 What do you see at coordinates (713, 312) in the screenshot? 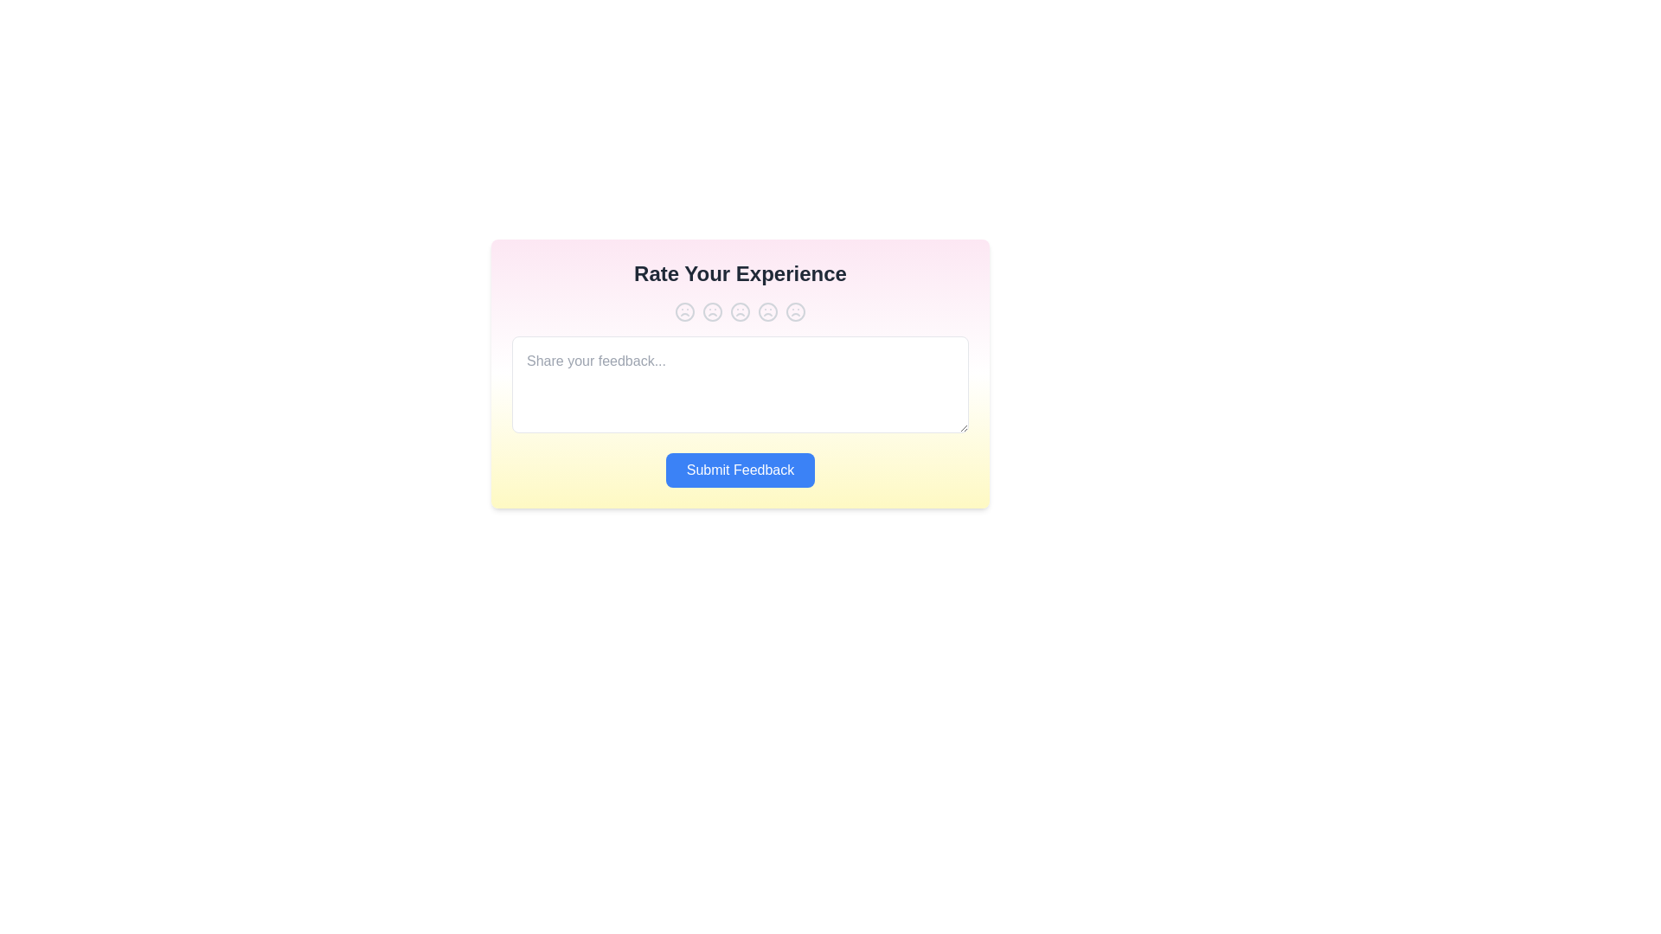
I see `the experience rating to 2 by clicking the corresponding button` at bounding box center [713, 312].